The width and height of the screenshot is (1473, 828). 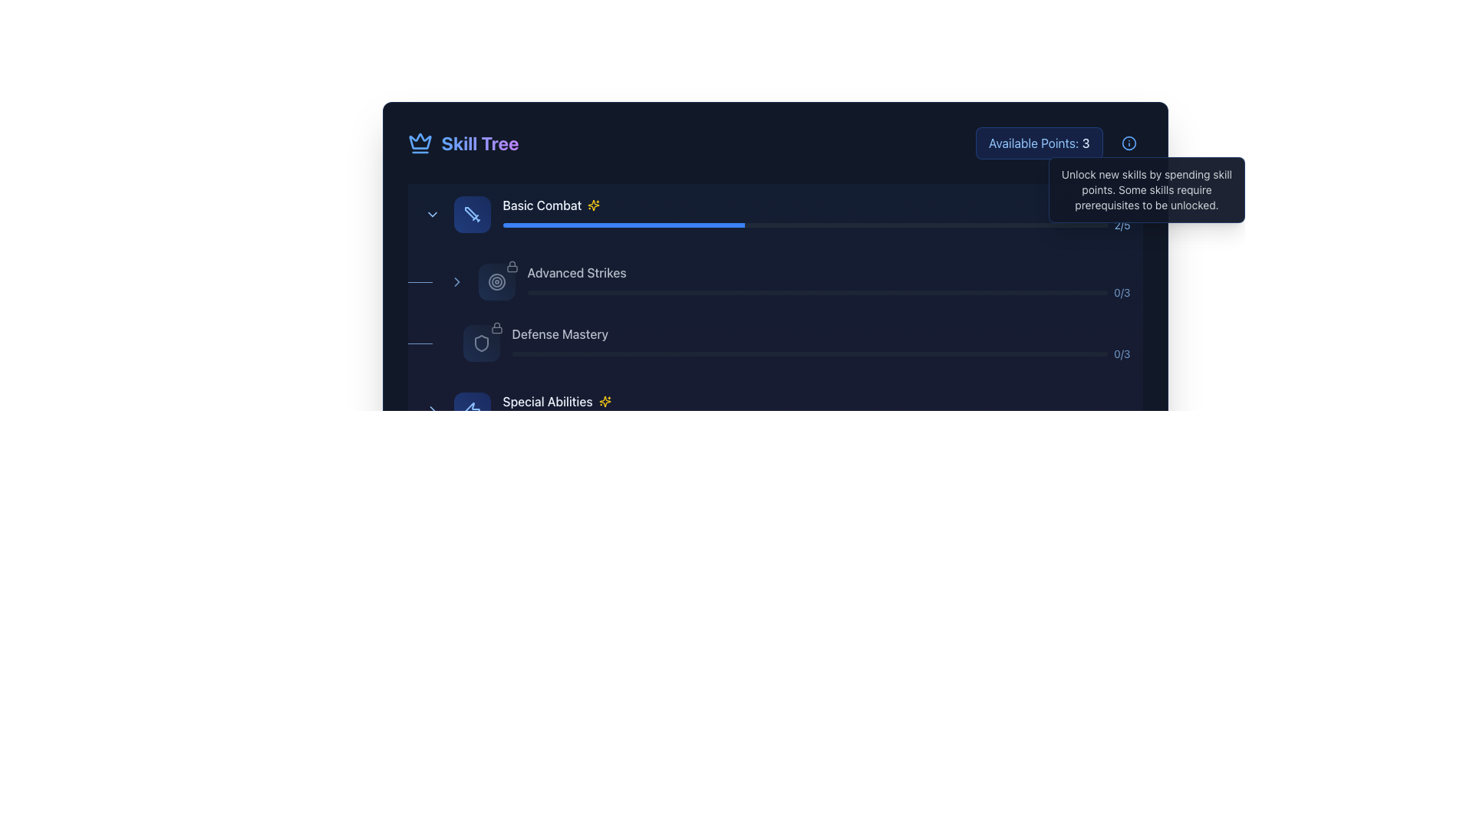 I want to click on the progress bar located in the 'Advanced Strikes' section of the skill tree interface, which visually represents the progress out of 3 steps, so click(x=828, y=292).